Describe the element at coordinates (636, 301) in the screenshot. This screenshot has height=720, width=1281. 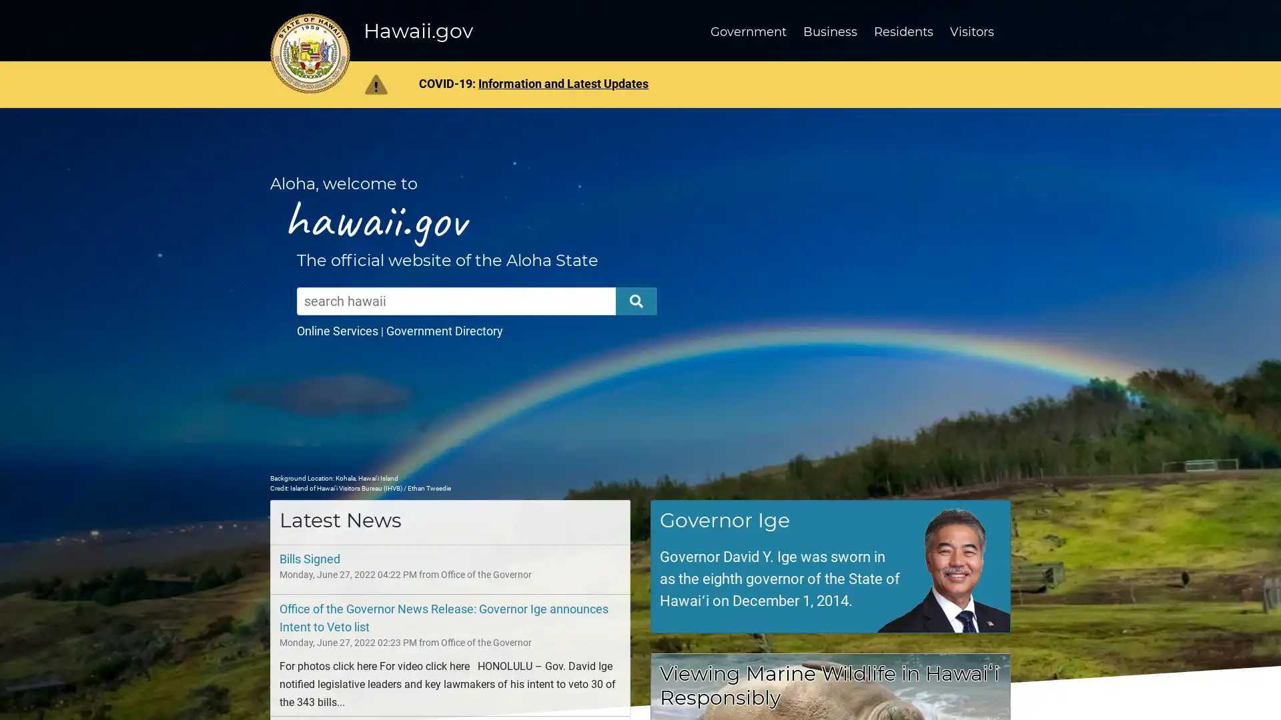
I see `Search` at that location.